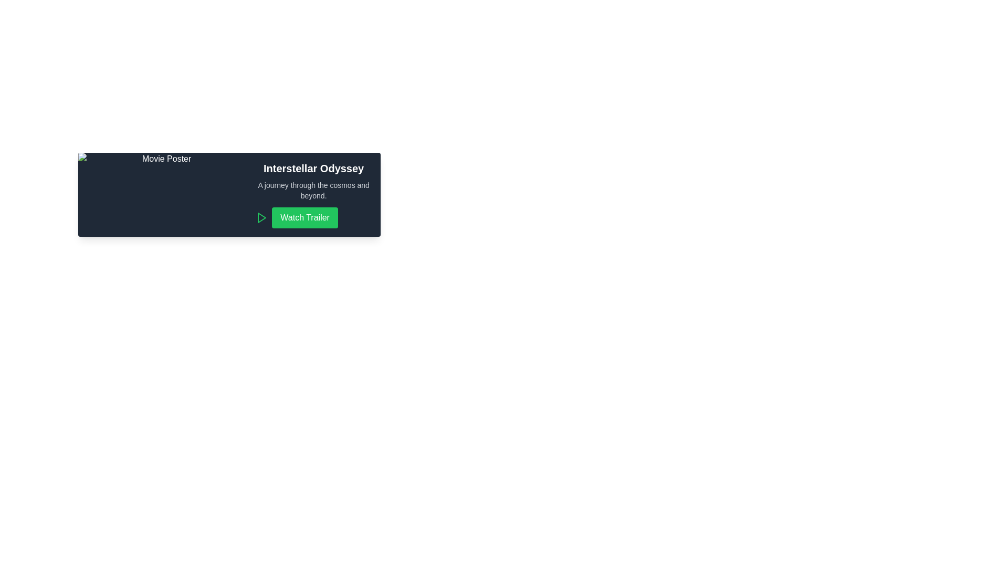 This screenshot has width=1008, height=567. Describe the element at coordinates (262, 217) in the screenshot. I see `the triangular play button icon located to the left of the green 'Watch Trailer' button in the 'Interstellar Odyssey' visual card` at that location.